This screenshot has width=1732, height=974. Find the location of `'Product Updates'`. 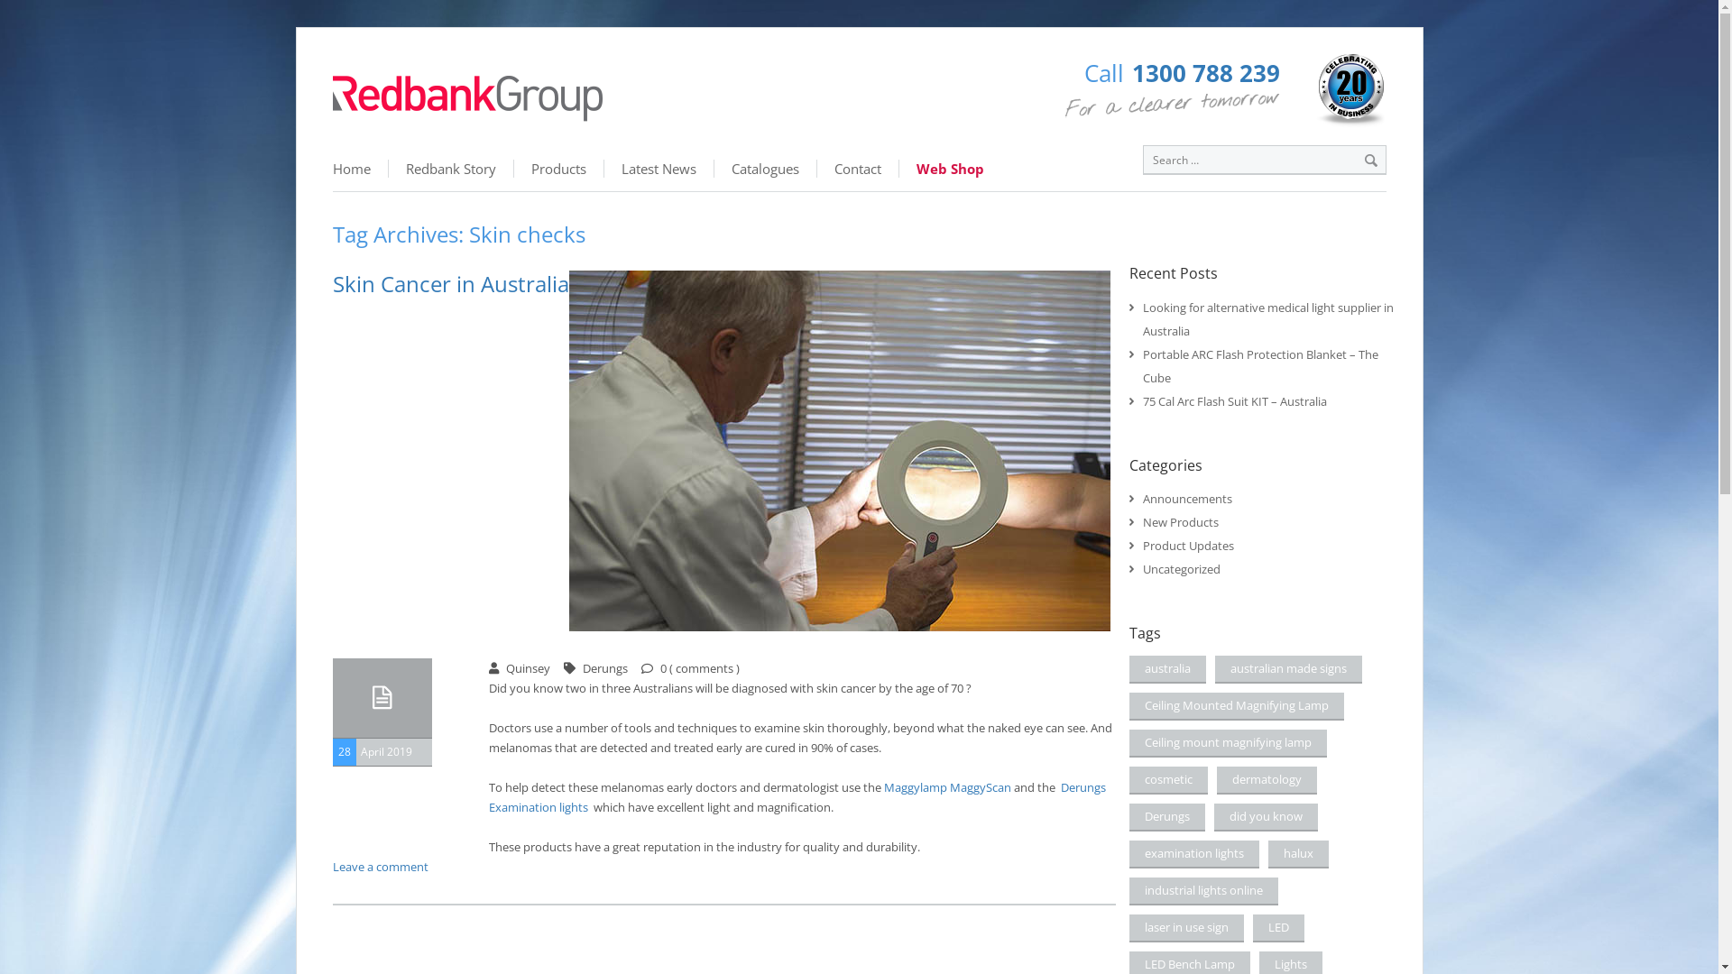

'Product Updates' is located at coordinates (1188, 545).